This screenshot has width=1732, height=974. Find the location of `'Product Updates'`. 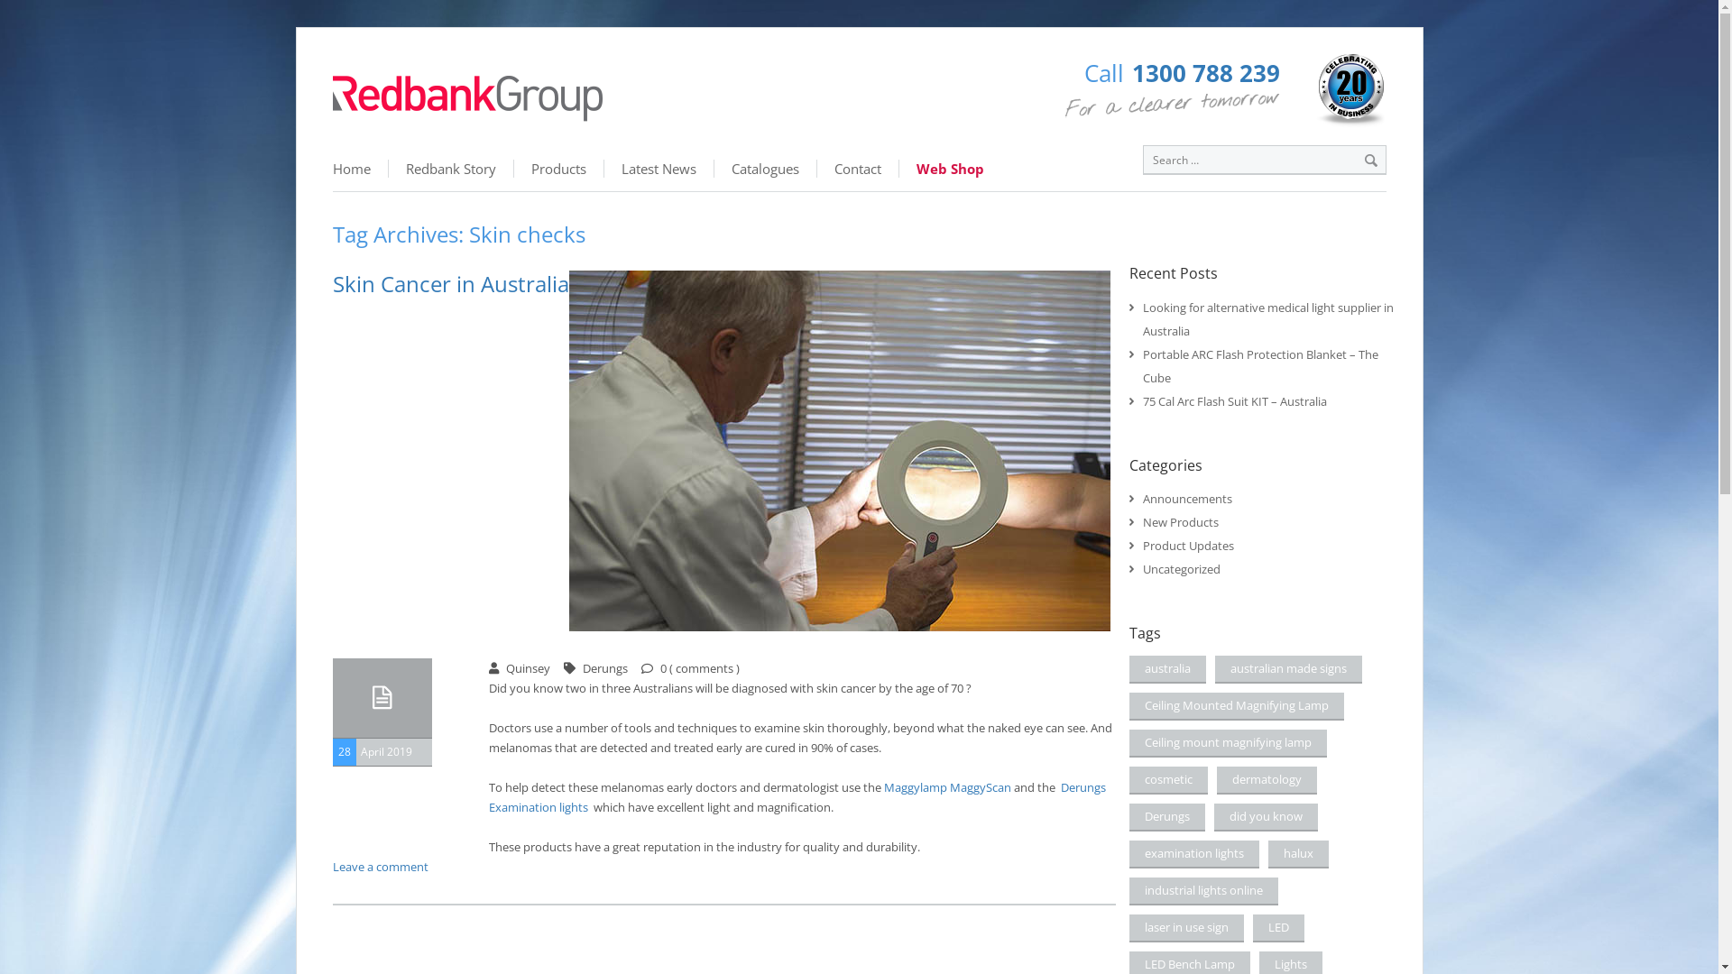

'Product Updates' is located at coordinates (1188, 545).